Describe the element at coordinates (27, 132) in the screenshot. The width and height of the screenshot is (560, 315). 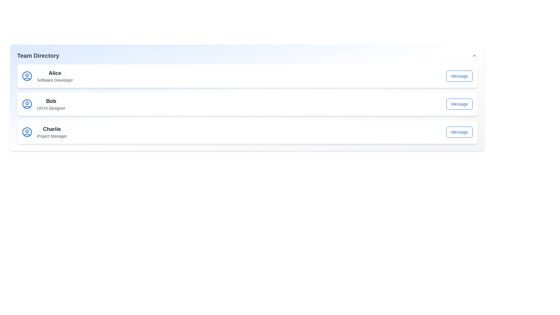
I see `the outermost circular border of the user icon for 'Charlie - Project Manager' to display potential animation or highlight effects` at that location.